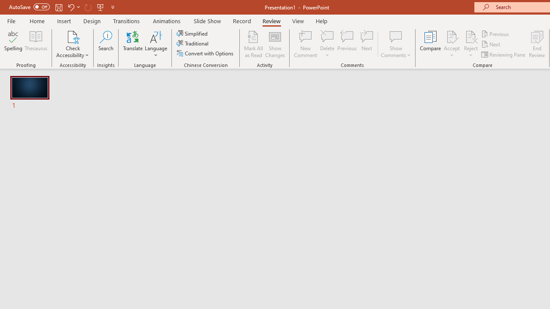  Describe the element at coordinates (451, 44) in the screenshot. I see `'Accept'` at that location.